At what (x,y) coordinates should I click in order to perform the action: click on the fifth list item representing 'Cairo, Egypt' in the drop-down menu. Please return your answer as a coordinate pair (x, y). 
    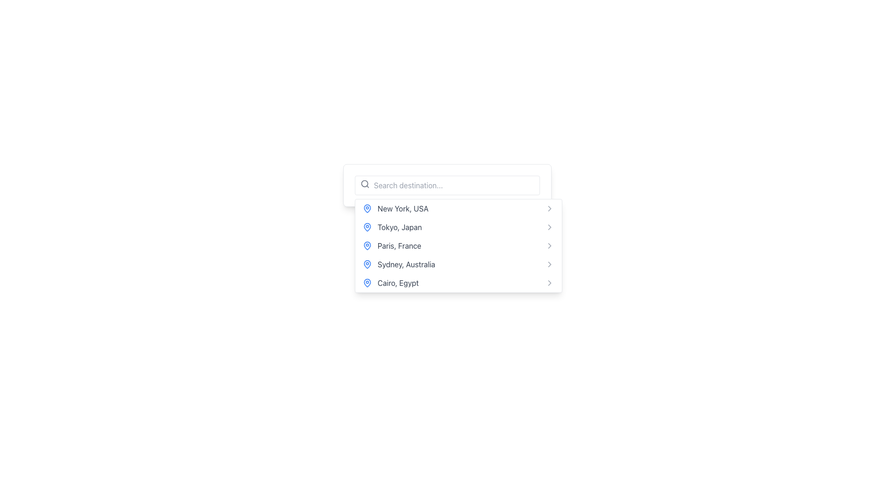
    Looking at the image, I should click on (458, 283).